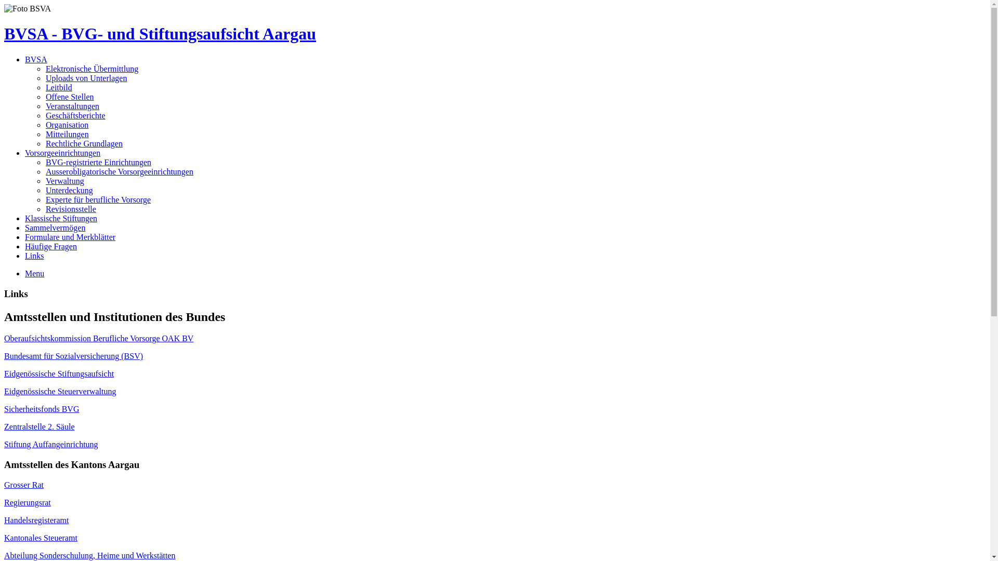 The height and width of the screenshot is (561, 998). I want to click on 'Veranstaltungen', so click(72, 106).